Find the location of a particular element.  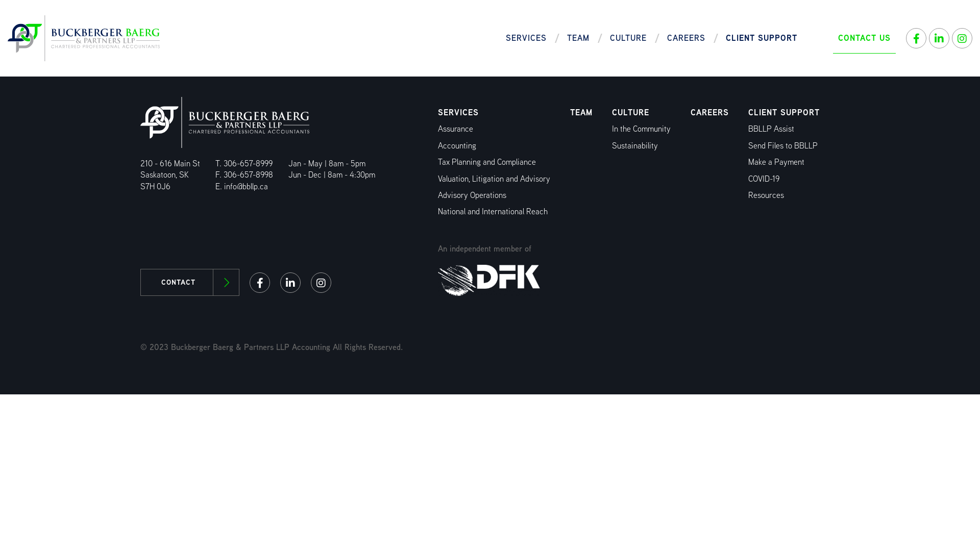

'Valuation, Litigation and Advisory' is located at coordinates (494, 178).